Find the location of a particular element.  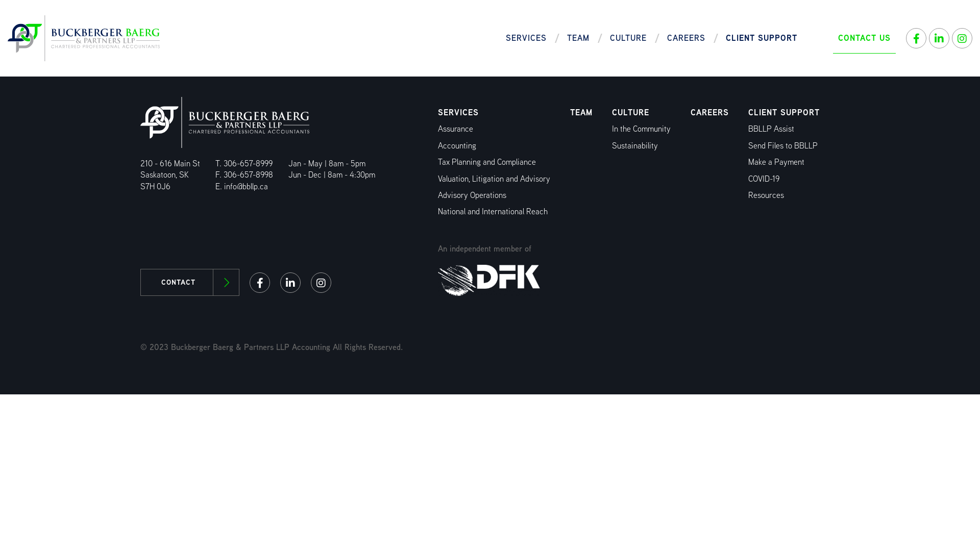

'Valuation, Litigation and Advisory' is located at coordinates (494, 178).